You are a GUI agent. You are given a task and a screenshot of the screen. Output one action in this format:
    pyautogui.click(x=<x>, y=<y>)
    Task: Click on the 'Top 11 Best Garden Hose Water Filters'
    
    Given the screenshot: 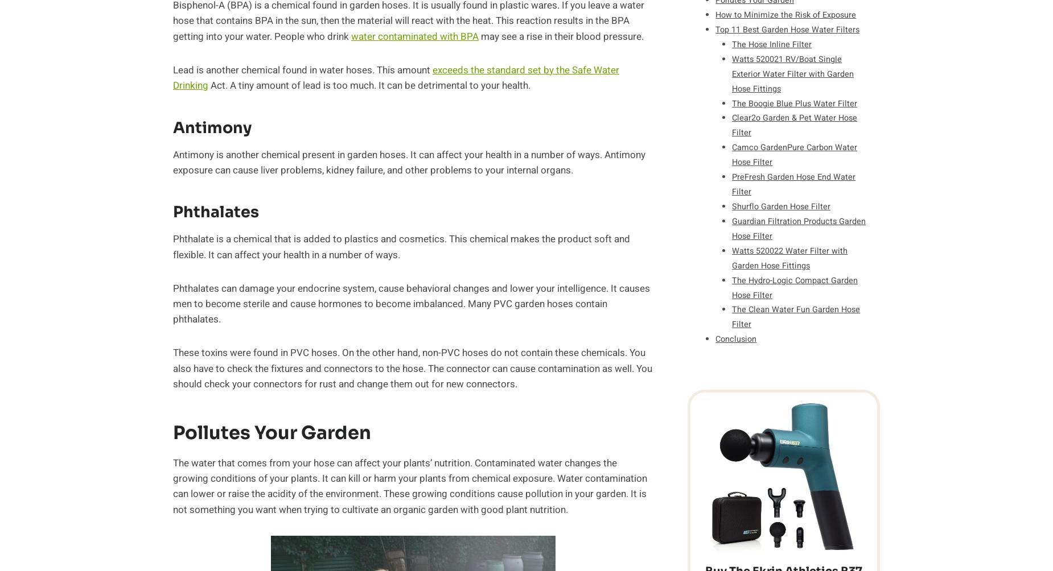 What is the action you would take?
    pyautogui.click(x=715, y=29)
    